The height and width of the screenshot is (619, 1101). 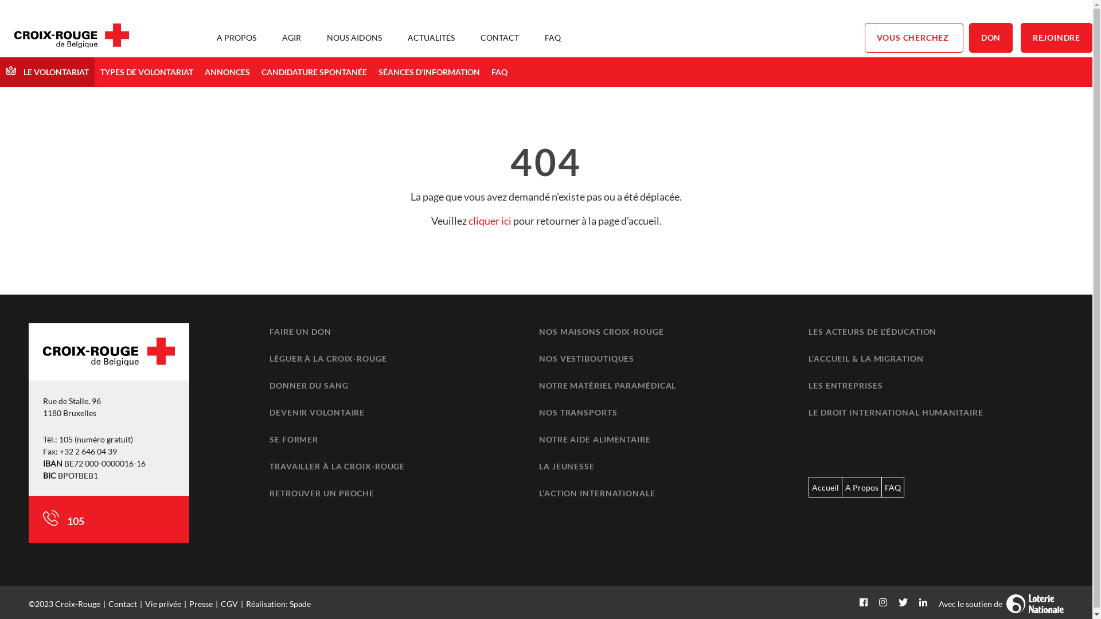 What do you see at coordinates (74, 521) in the screenshot?
I see `'105'` at bounding box center [74, 521].